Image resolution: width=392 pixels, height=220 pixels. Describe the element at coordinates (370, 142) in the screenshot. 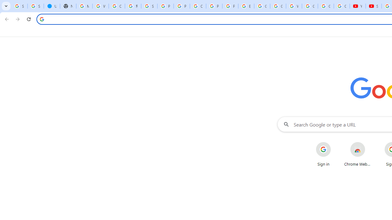

I see `'More actions for Chrome Web Store shortcut'` at that location.